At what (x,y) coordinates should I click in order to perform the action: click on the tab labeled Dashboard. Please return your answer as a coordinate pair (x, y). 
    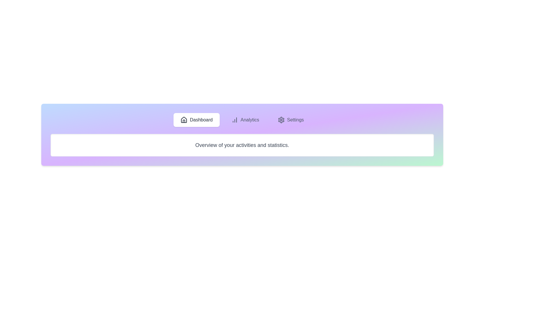
    Looking at the image, I should click on (196, 119).